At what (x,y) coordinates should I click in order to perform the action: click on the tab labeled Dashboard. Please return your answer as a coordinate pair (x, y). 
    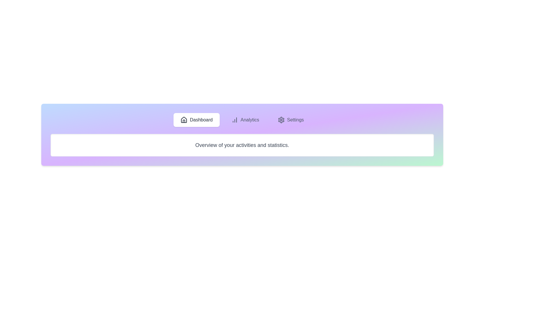
    Looking at the image, I should click on (196, 119).